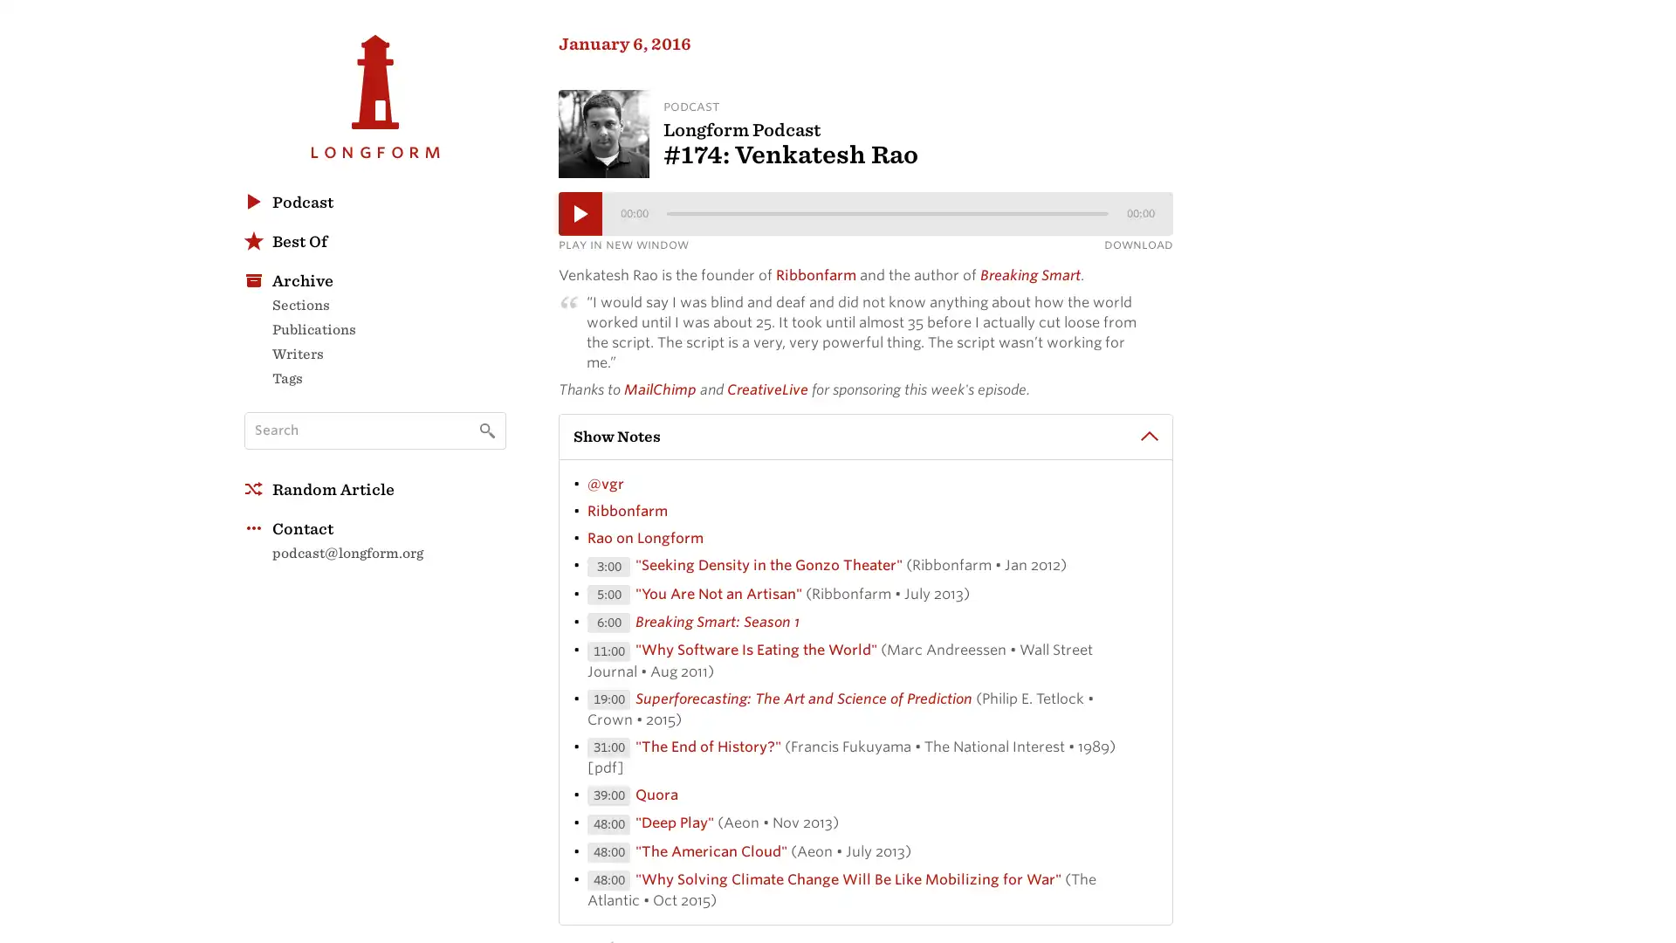  Describe the element at coordinates (608, 854) in the screenshot. I see `48:00` at that location.